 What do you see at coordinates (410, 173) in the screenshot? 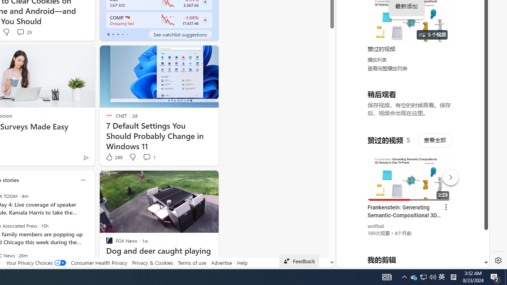
I see `'#you'` at bounding box center [410, 173].